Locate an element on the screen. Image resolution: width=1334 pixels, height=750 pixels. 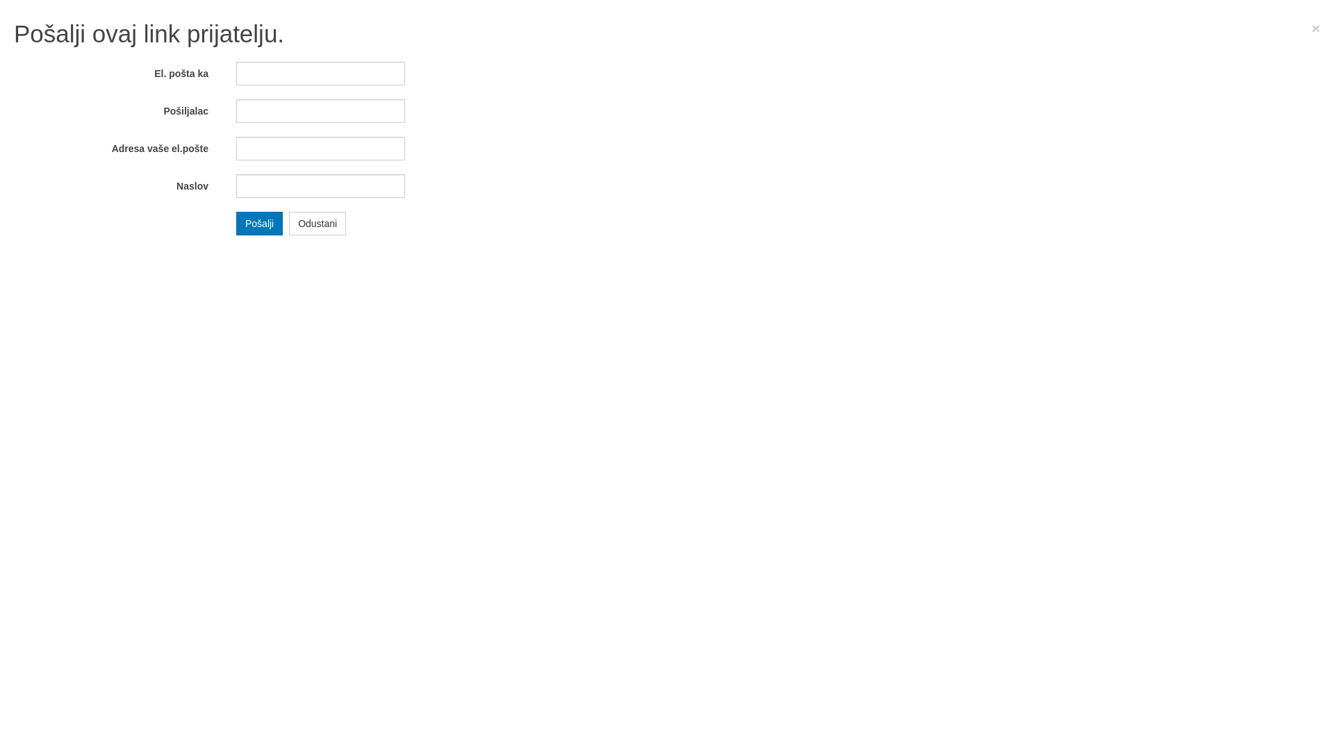
'Odustani' is located at coordinates (316, 222).